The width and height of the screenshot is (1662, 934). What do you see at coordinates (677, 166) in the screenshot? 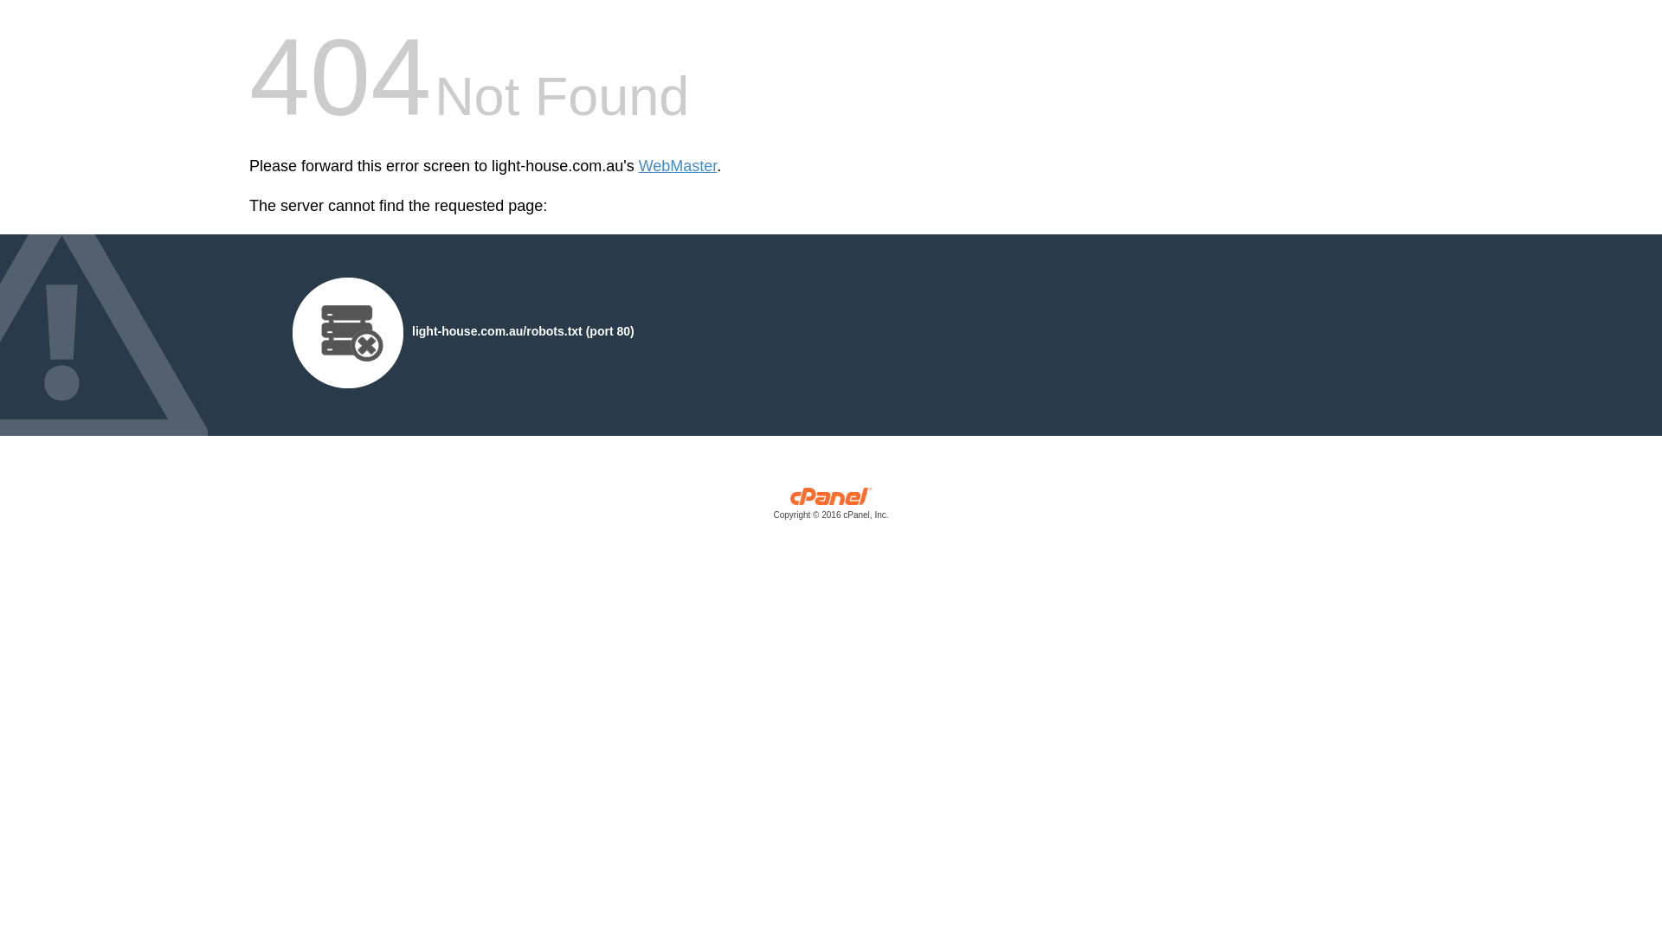
I see `'WebMaster'` at bounding box center [677, 166].